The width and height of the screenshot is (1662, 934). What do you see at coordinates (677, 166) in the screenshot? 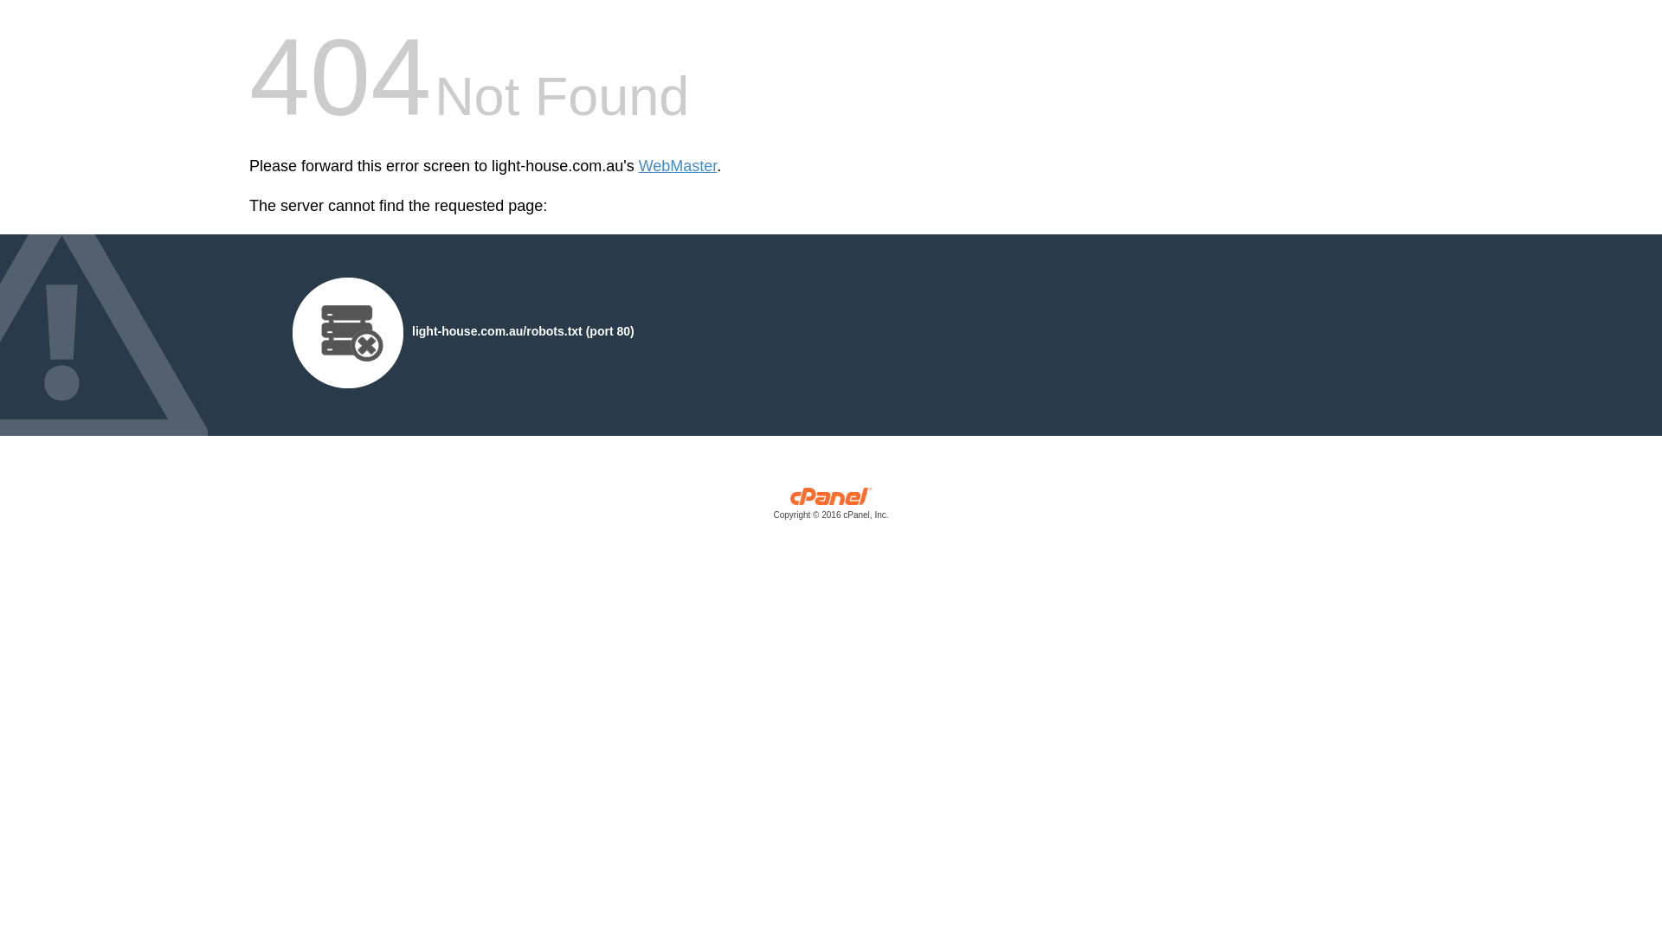
I see `'WebMaster'` at bounding box center [677, 166].